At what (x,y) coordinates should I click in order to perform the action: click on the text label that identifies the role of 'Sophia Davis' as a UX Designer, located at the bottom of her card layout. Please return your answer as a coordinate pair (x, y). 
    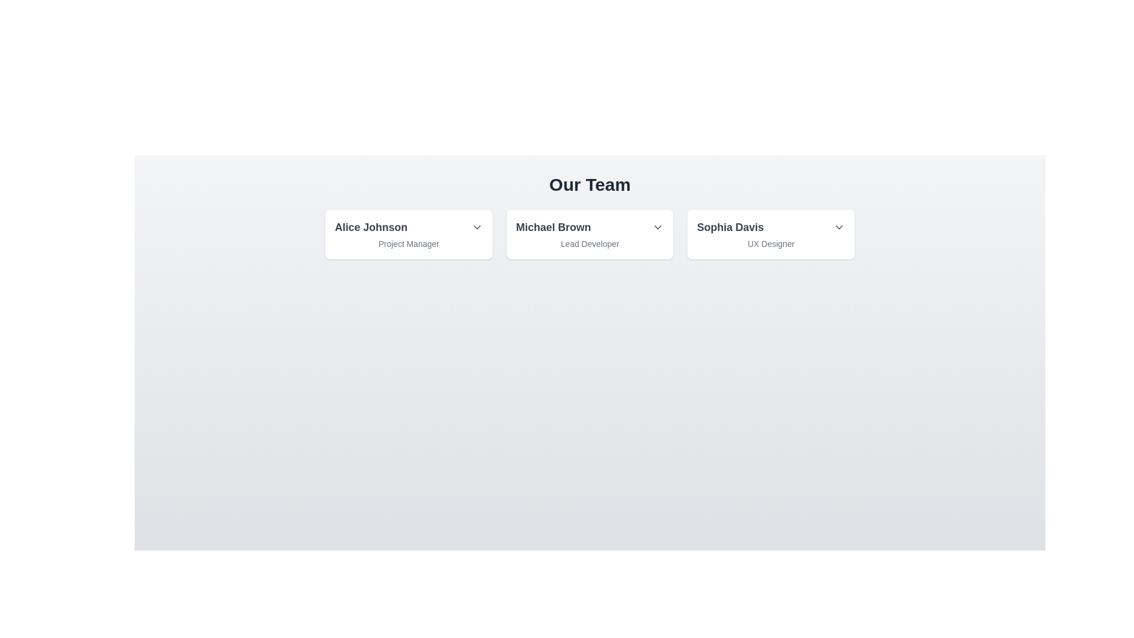
    Looking at the image, I should click on (771, 243).